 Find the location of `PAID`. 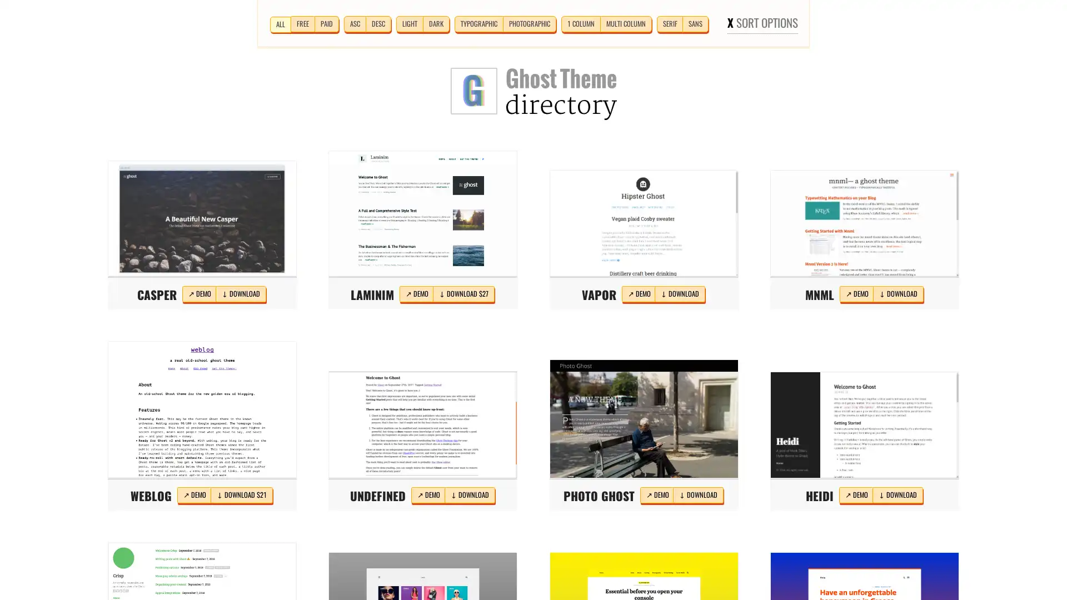

PAID is located at coordinates (325, 23).